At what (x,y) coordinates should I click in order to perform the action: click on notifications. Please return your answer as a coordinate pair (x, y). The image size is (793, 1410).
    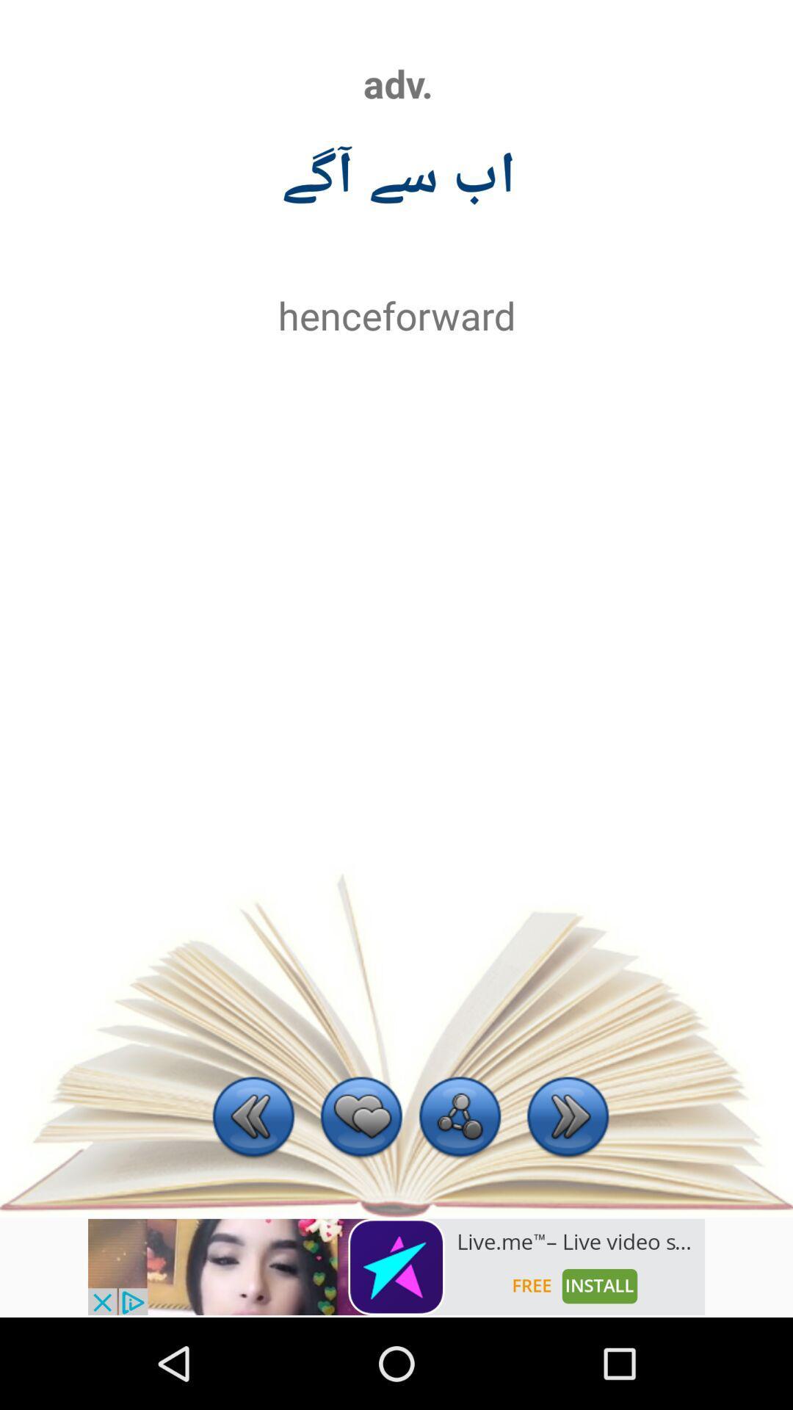
    Looking at the image, I should click on (396, 1266).